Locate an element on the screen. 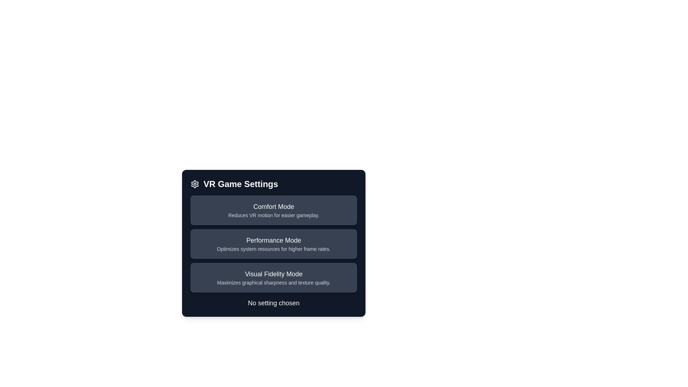 This screenshot has height=387, width=688. the gear icon located to the left of the 'VR Game Settings' heading, which has a line-art design and a dark rectangular background is located at coordinates (195, 183).